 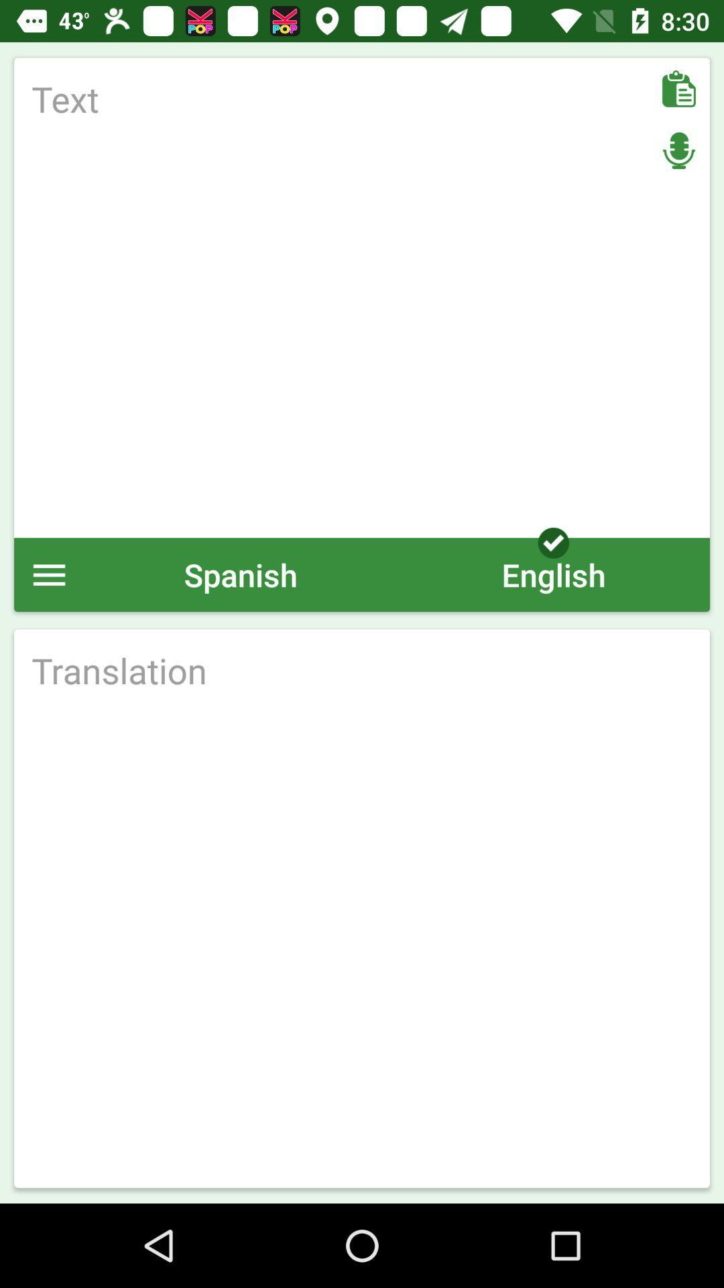 I want to click on hit button, so click(x=362, y=670).